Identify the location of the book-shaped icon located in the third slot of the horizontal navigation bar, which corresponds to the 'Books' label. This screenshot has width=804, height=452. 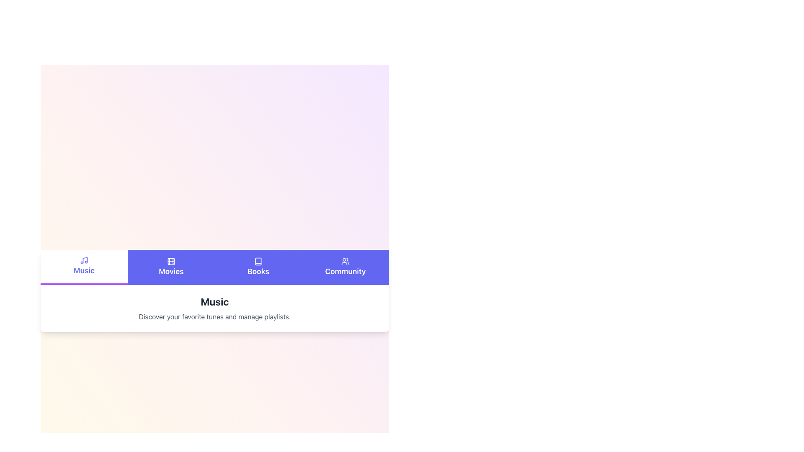
(258, 261).